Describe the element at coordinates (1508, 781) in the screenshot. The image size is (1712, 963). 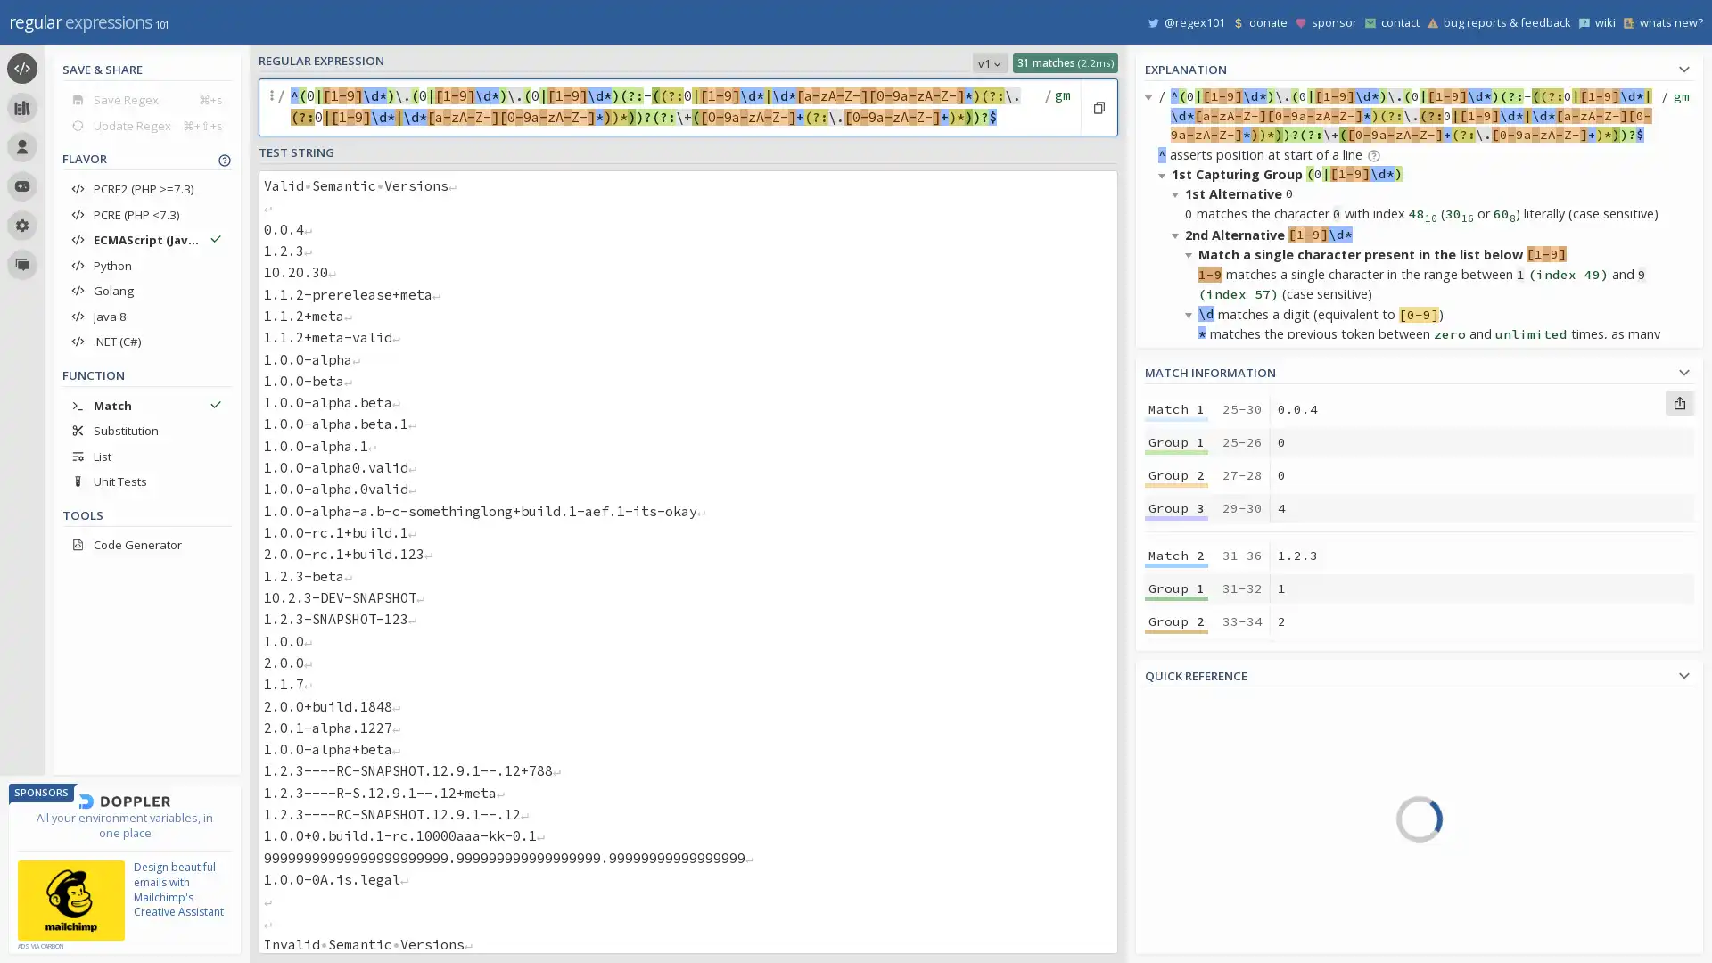
I see `A character not in the range: a-z [^a-z]` at that location.